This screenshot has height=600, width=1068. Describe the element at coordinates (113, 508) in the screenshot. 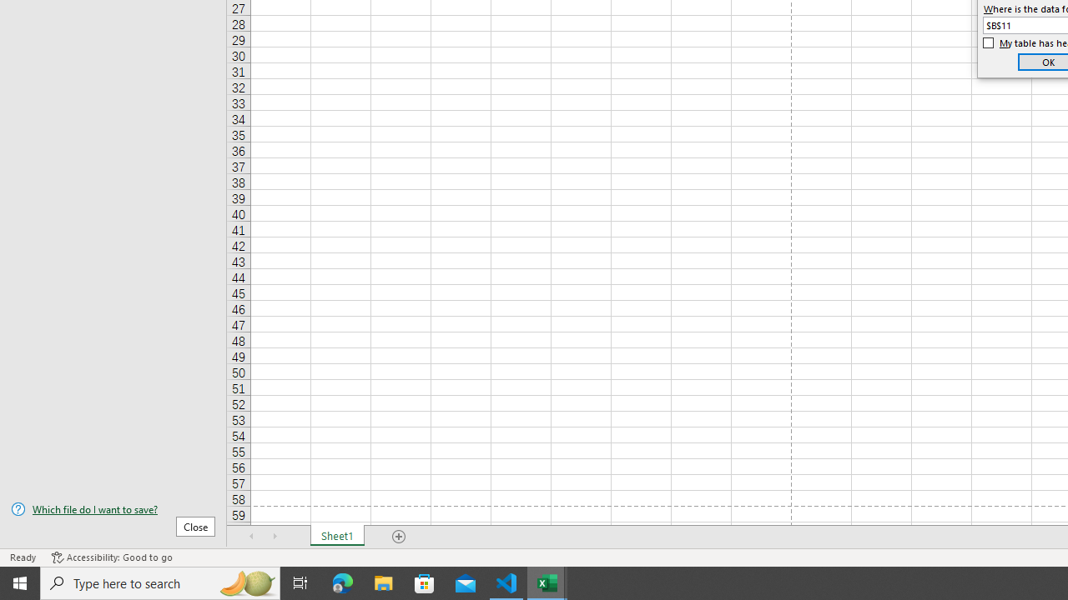

I see `'Which file do I want to save?'` at that location.